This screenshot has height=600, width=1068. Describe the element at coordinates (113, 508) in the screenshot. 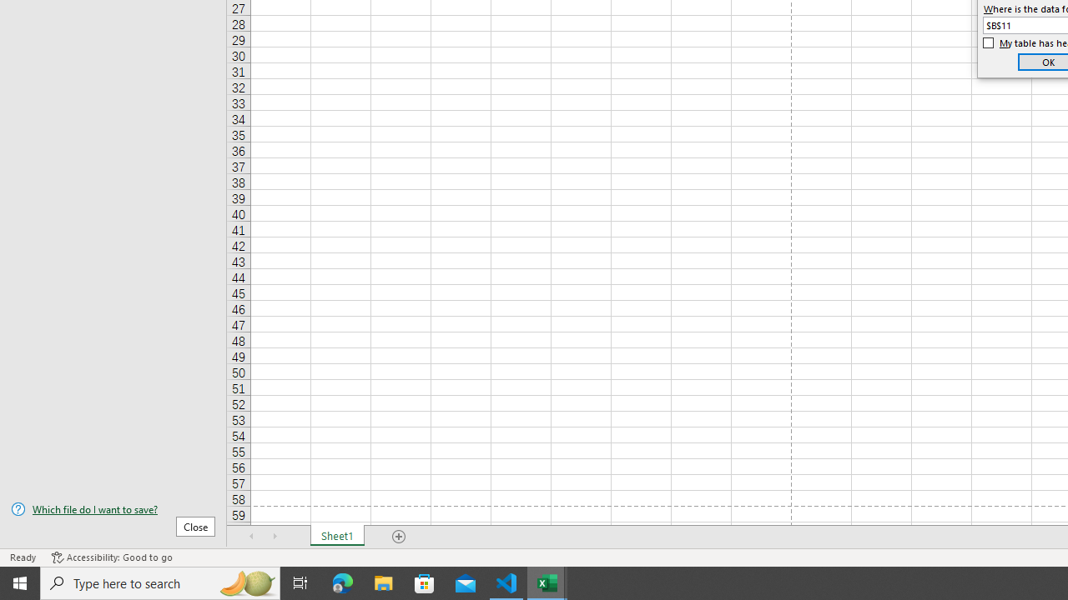

I see `'Which file do I want to save?'` at that location.